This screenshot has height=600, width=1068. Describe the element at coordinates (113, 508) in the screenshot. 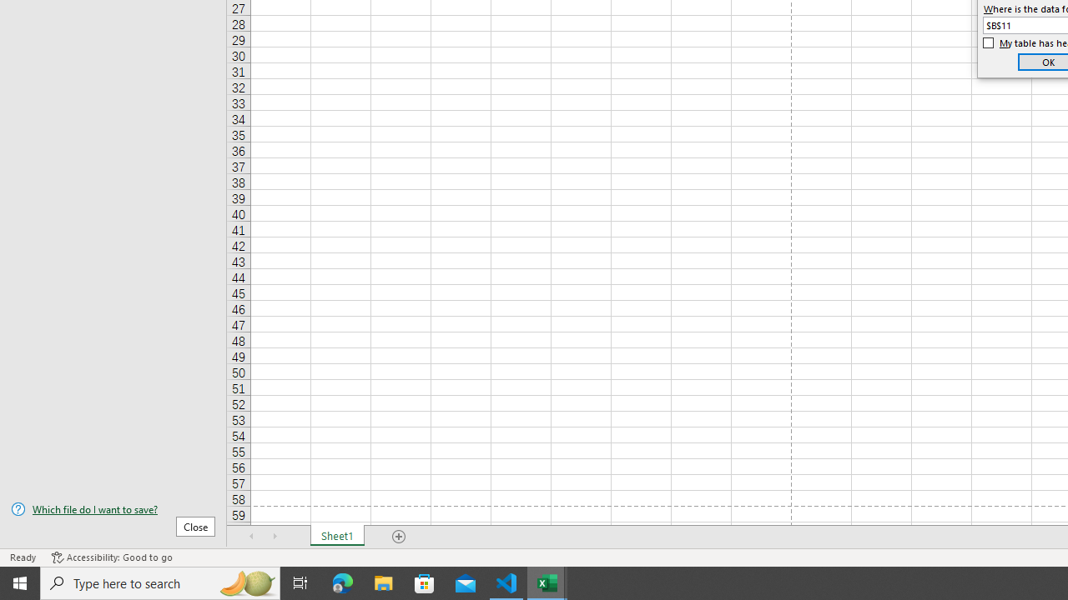

I see `'Which file do I want to save?'` at that location.